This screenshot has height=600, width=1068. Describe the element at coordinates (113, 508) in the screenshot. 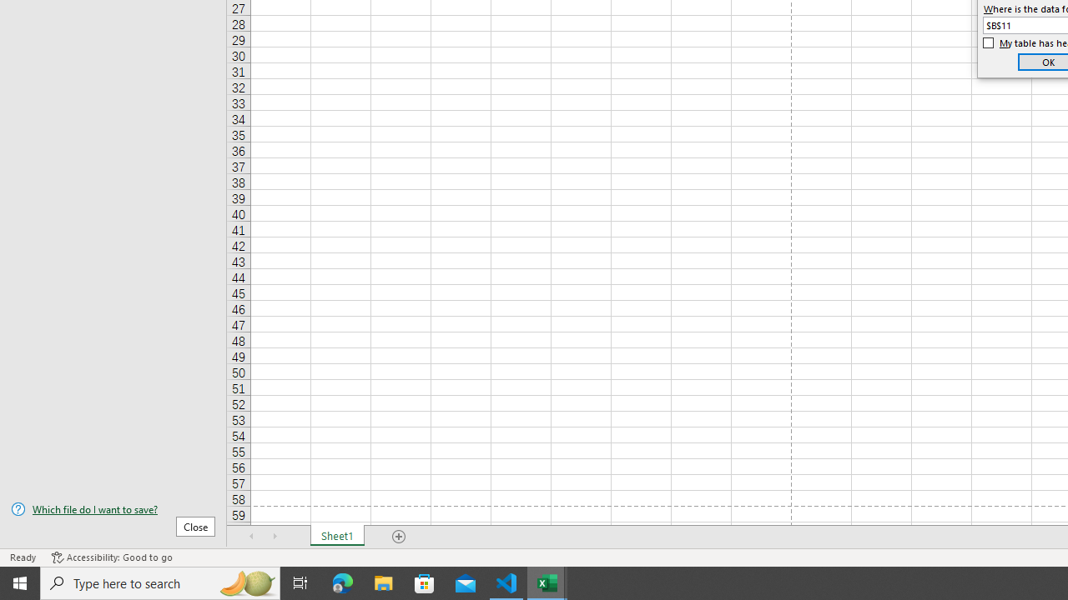

I see `'Which file do I want to save?'` at that location.